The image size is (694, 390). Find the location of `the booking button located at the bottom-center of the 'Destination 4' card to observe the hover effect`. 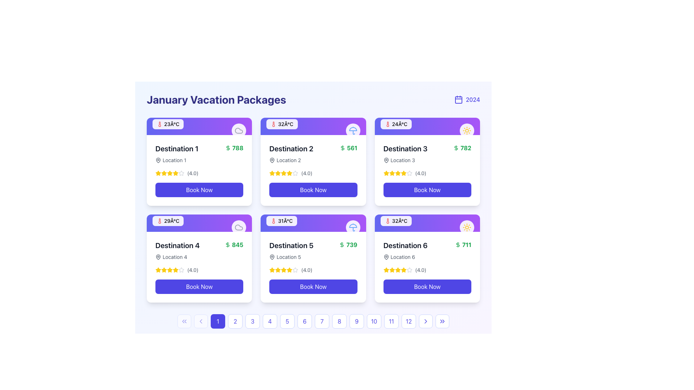

the booking button located at the bottom-center of the 'Destination 4' card to observe the hover effect is located at coordinates (199, 286).